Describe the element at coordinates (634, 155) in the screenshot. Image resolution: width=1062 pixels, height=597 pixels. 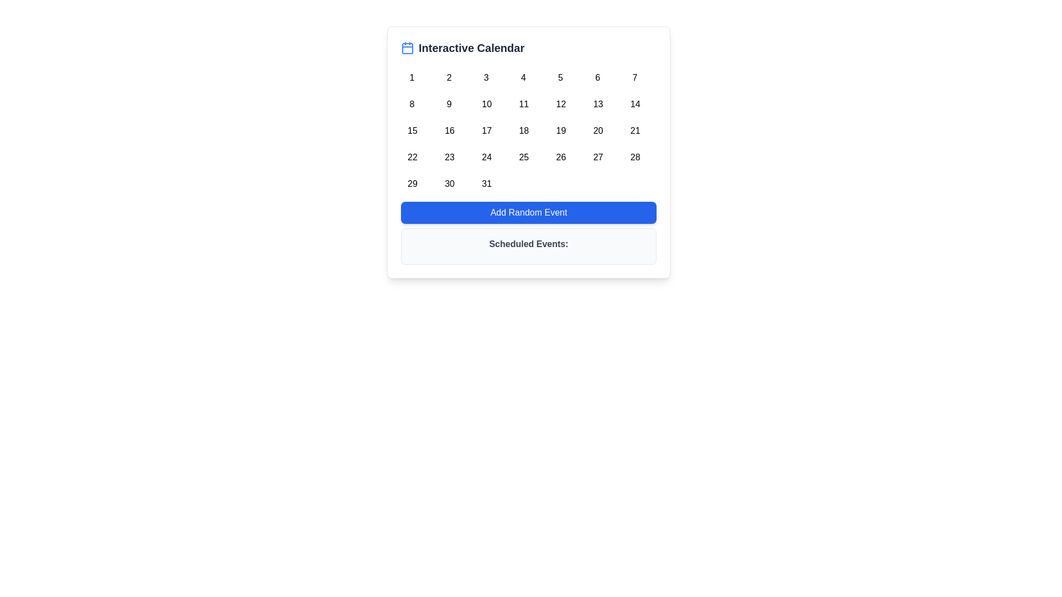
I see `the button labeled '28', which is a square-shaped button with a rounded border, white background, and black centered text, to change its background color to blue` at that location.